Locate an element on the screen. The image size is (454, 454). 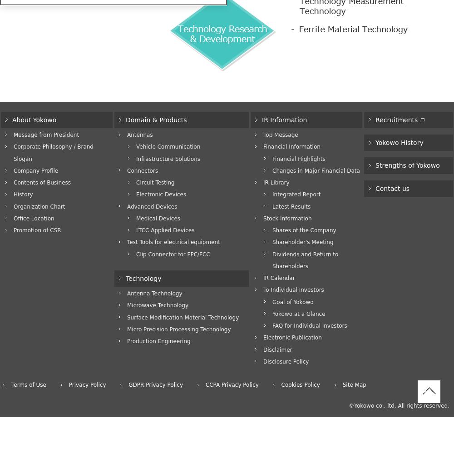
'Dividends and Return to Shareholders' is located at coordinates (305, 260).